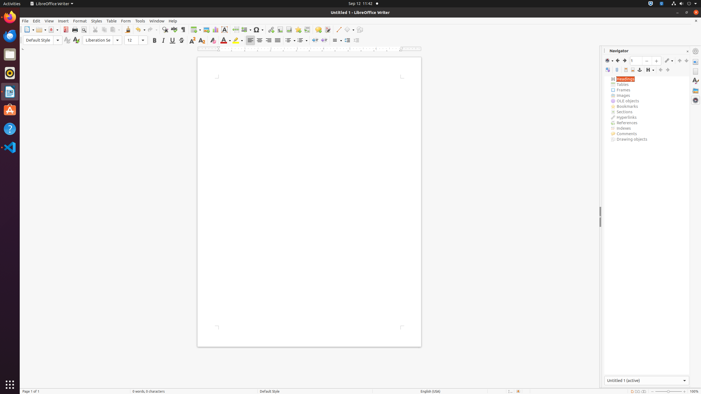  What do you see at coordinates (347, 40) in the screenshot?
I see `'Increase'` at bounding box center [347, 40].